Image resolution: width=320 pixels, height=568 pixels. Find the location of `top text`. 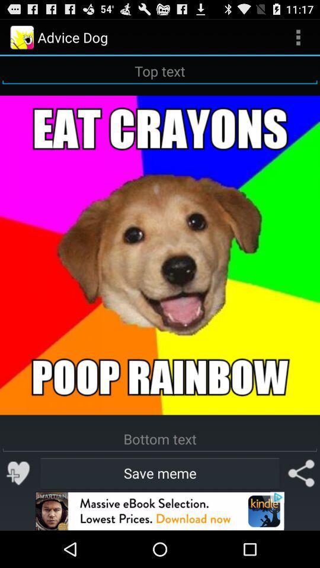

top text is located at coordinates (160, 71).